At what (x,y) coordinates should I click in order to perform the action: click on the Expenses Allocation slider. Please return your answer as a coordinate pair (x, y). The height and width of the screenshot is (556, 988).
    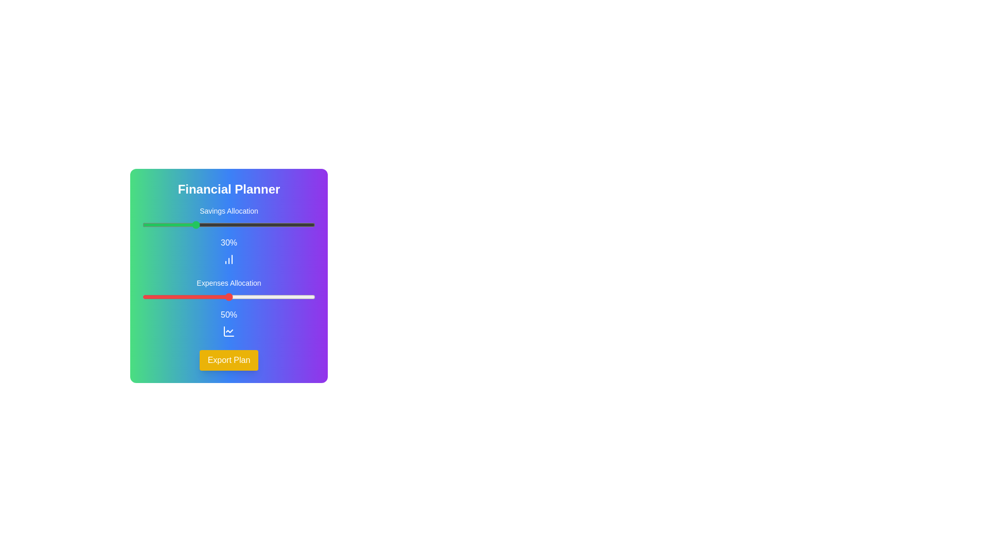
    Looking at the image, I should click on (244, 297).